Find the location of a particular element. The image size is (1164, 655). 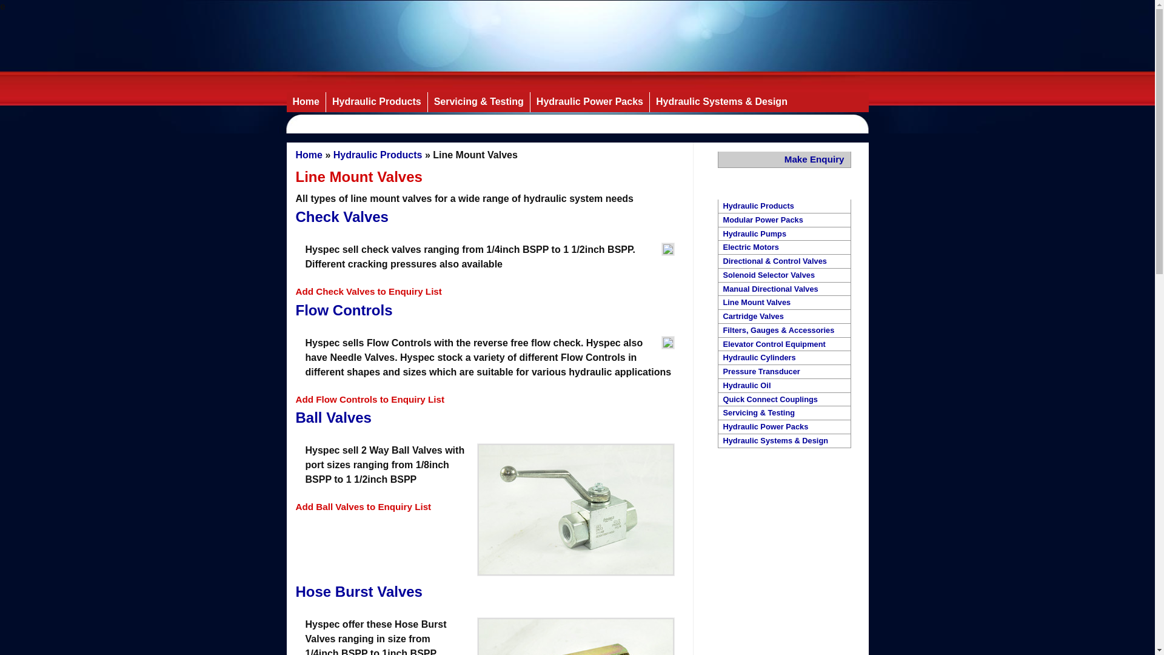

'Quick Connect Couplings' is located at coordinates (783, 400).